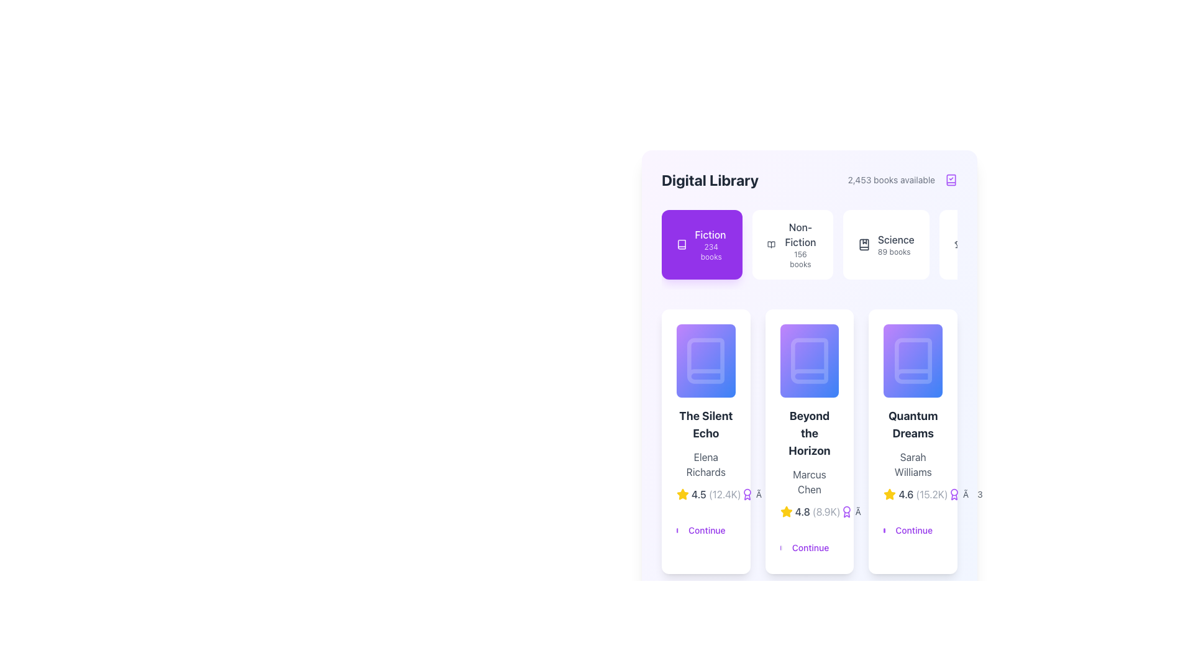 Image resolution: width=1193 pixels, height=671 pixels. Describe the element at coordinates (931, 494) in the screenshot. I see `the static text element displaying '(15.2K)', which is part of the rating or review count display under the book titled 'Quantum Dreams'` at that location.